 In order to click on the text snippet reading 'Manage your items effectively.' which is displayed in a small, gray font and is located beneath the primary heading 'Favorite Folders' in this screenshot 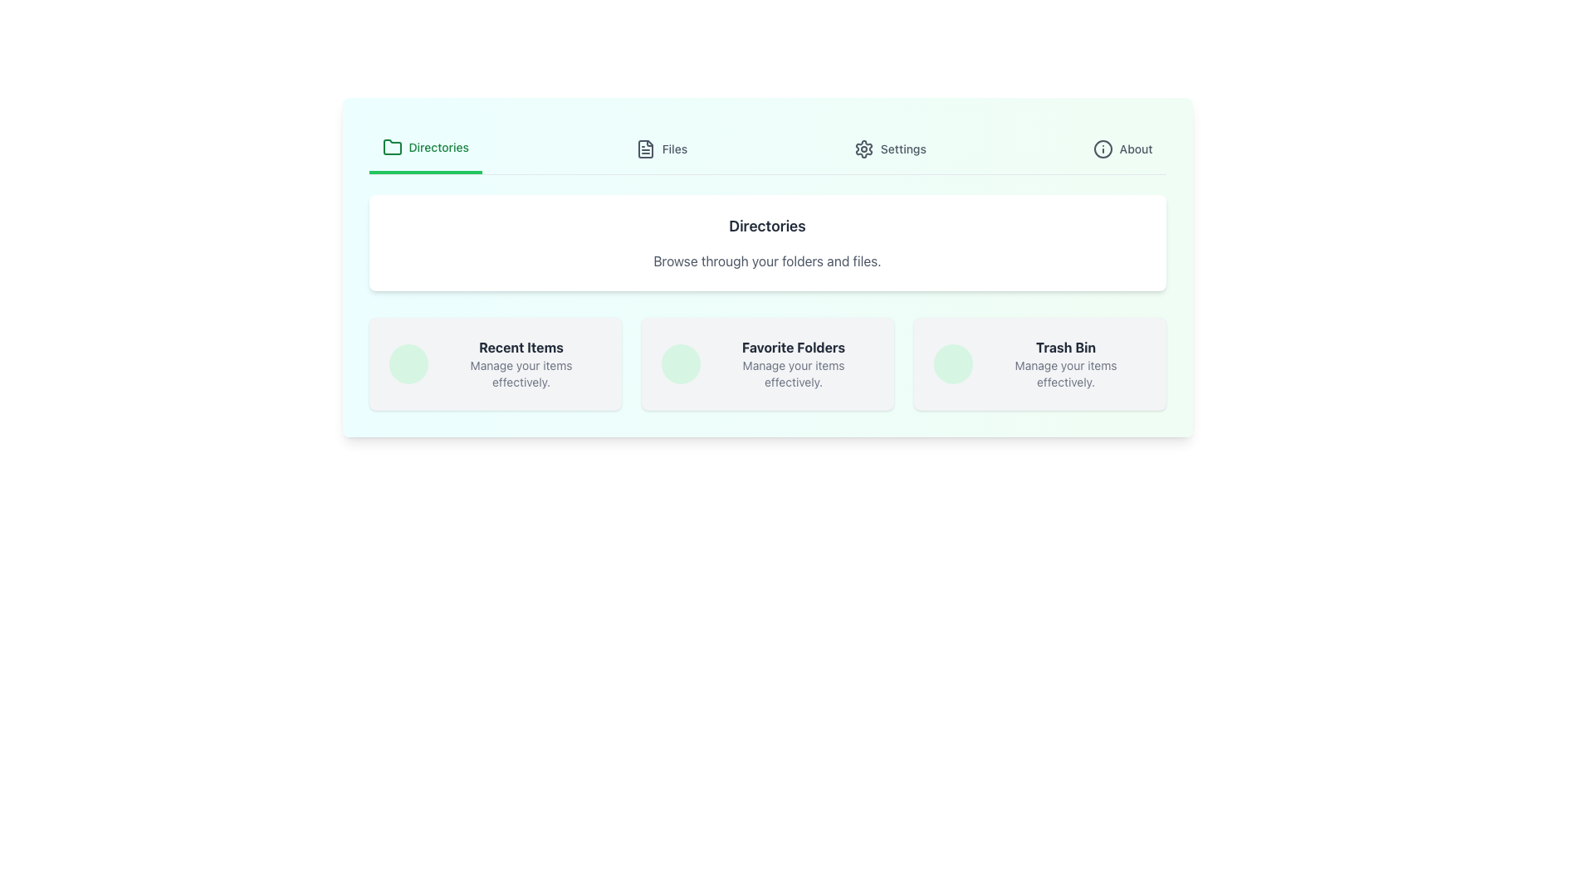, I will do `click(792, 374)`.